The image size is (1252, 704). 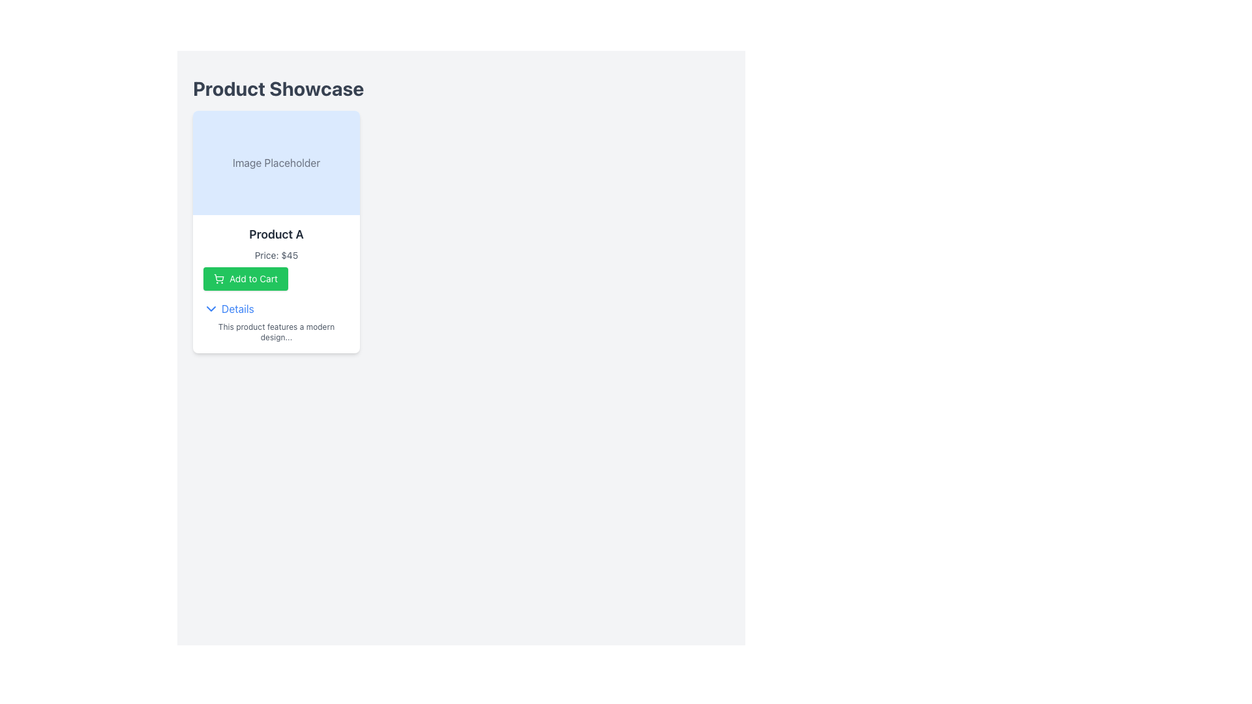 What do you see at coordinates (275, 233) in the screenshot?
I see `the text element displaying 'Product A', which is styled in a large bold font and is located centrally beneath the image placeholder in the product card` at bounding box center [275, 233].